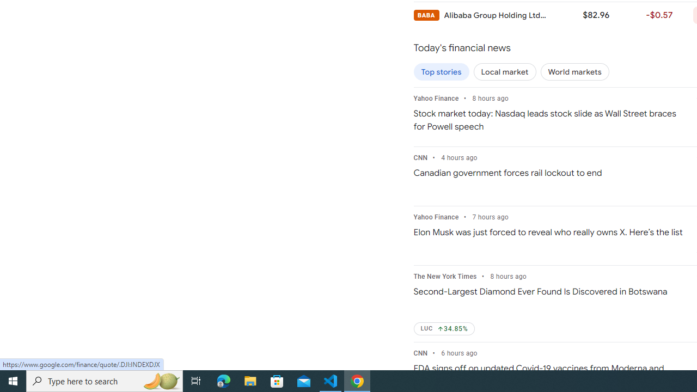 This screenshot has width=697, height=392. Describe the element at coordinates (444, 328) in the screenshot. I see `'LUC Up by 34.85%'` at that location.